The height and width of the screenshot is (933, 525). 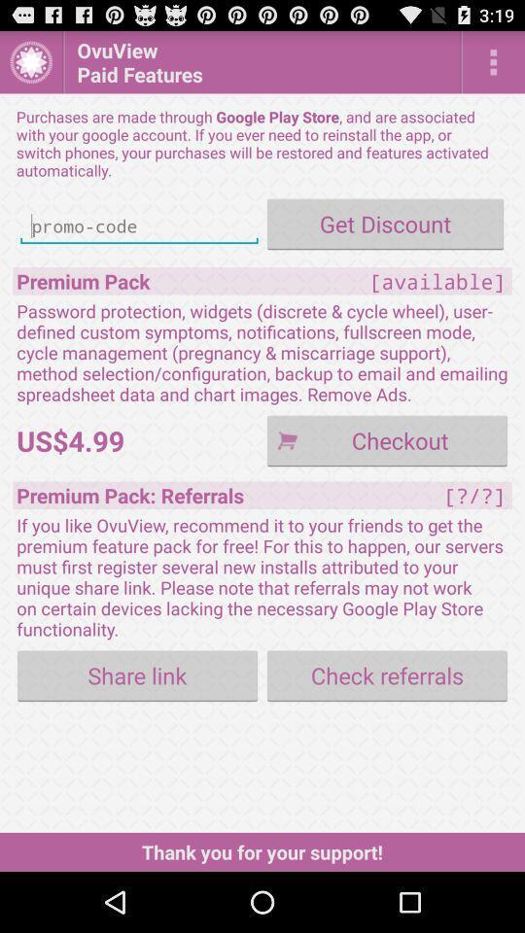 What do you see at coordinates (387, 675) in the screenshot?
I see `icon to the right of the share link button` at bounding box center [387, 675].